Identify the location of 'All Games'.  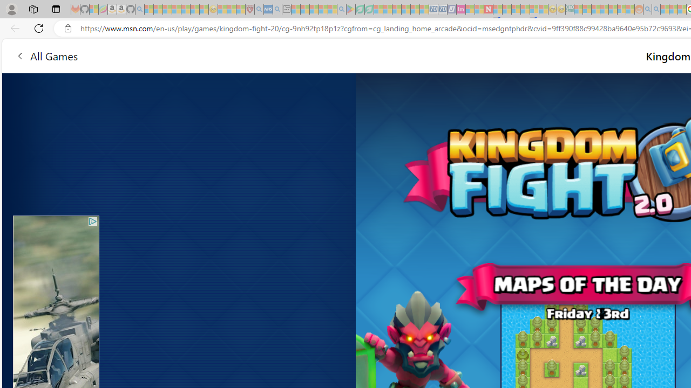
(46, 56).